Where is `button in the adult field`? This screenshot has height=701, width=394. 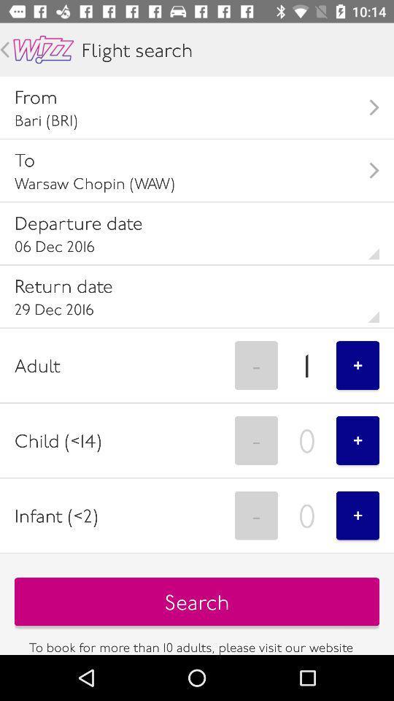
button in the adult field is located at coordinates (357, 364).